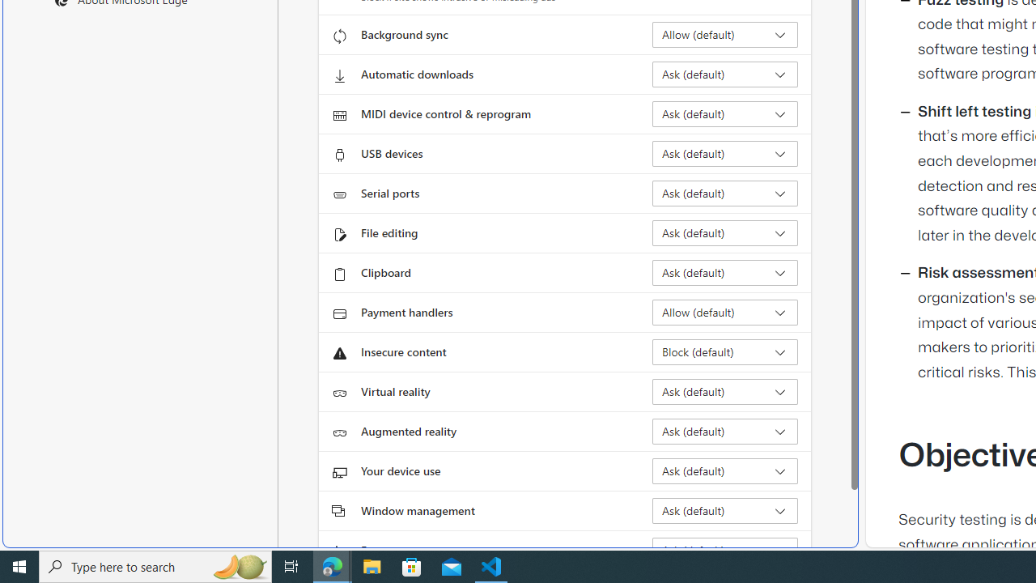 Image resolution: width=1036 pixels, height=583 pixels. What do you see at coordinates (724, 511) in the screenshot?
I see `'Window management Ask (default)'` at bounding box center [724, 511].